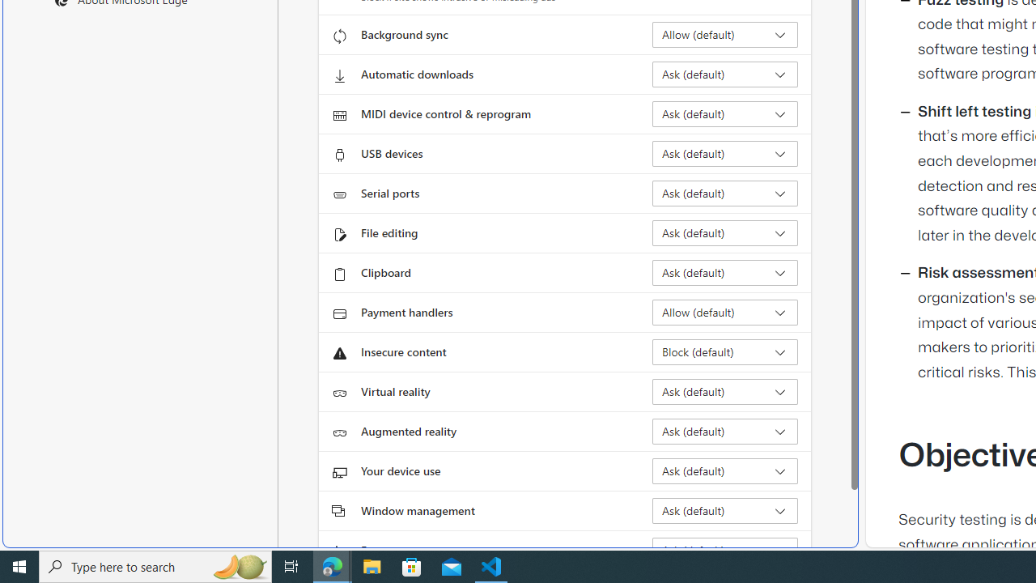 Image resolution: width=1036 pixels, height=583 pixels. What do you see at coordinates (724, 511) in the screenshot?
I see `'Window management Ask (default)'` at bounding box center [724, 511].